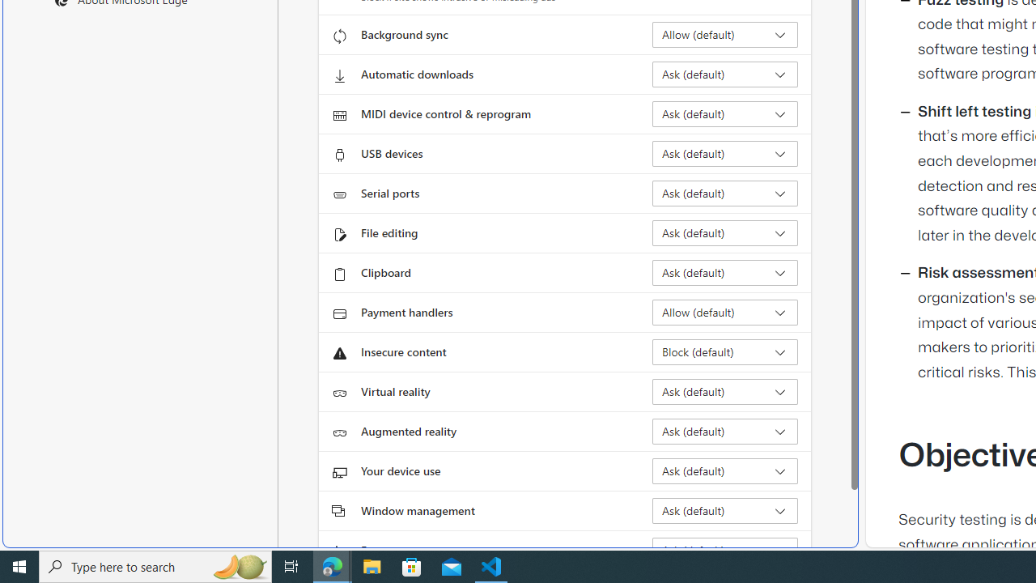 Image resolution: width=1036 pixels, height=583 pixels. What do you see at coordinates (724, 511) in the screenshot?
I see `'Window management Ask (default)'` at bounding box center [724, 511].